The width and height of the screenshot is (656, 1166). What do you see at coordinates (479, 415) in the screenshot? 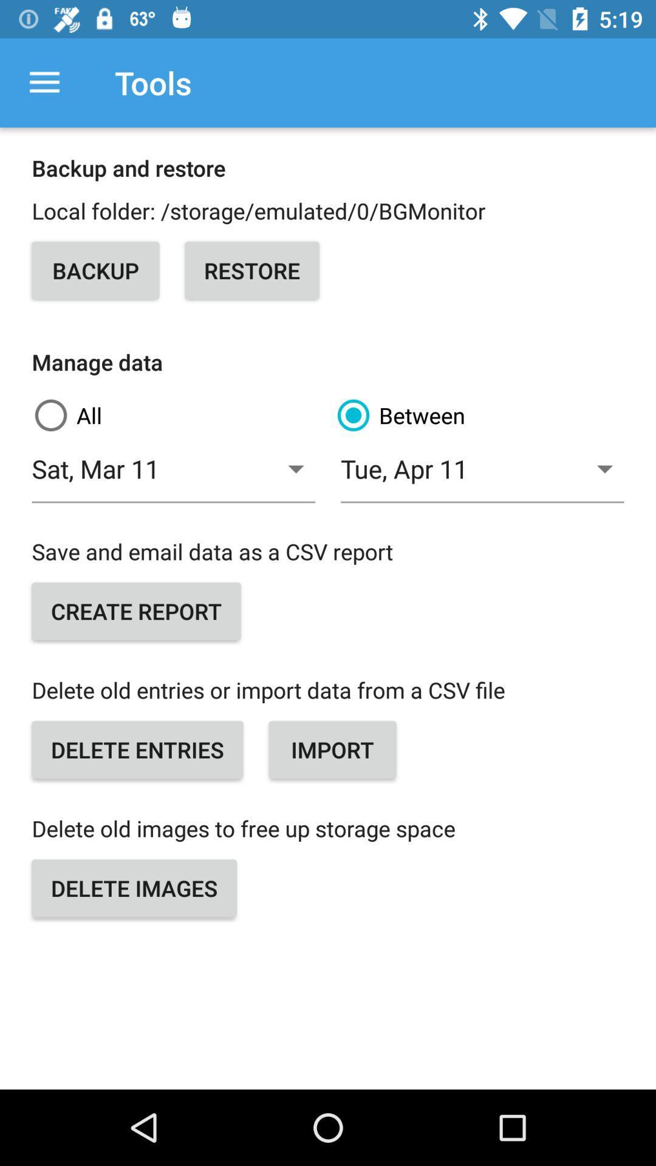
I see `the item above sat, mar 11 icon` at bounding box center [479, 415].